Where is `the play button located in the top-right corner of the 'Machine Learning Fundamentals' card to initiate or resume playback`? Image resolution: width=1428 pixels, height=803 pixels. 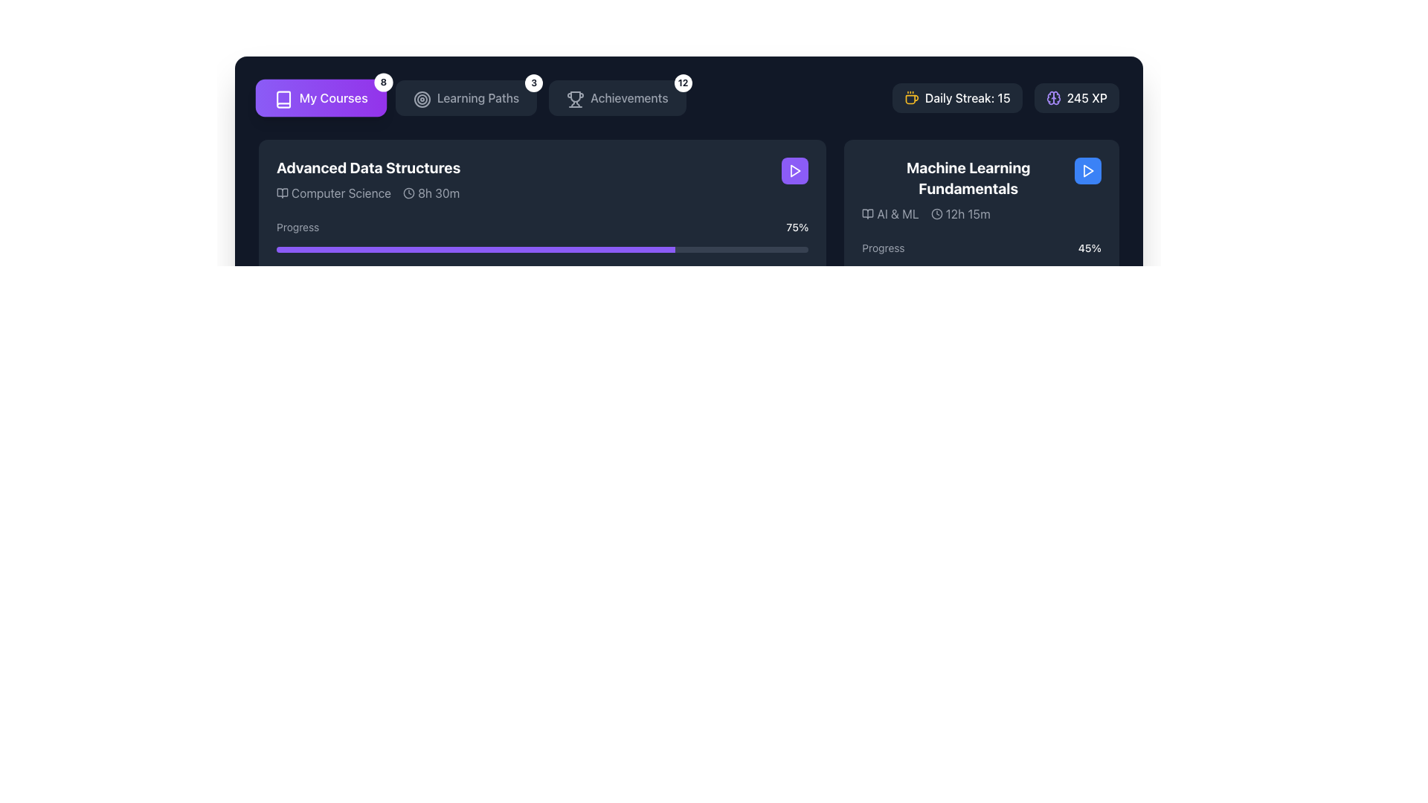
the play button located in the top-right corner of the 'Machine Learning Fundamentals' card to initiate or resume playback is located at coordinates (795, 170).